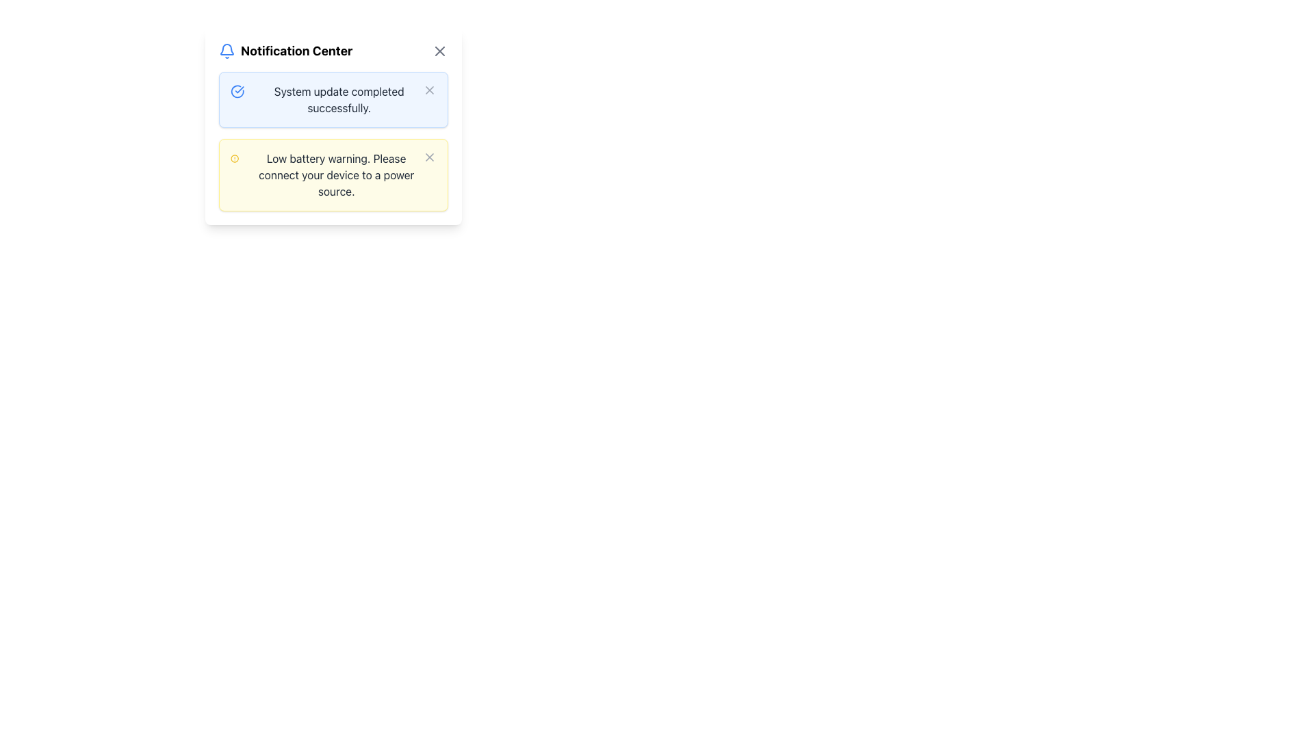 Image resolution: width=1314 pixels, height=739 pixels. What do you see at coordinates (227, 50) in the screenshot?
I see `the bell icon that signifies notifications, located to the far left of the Notification Center header area, adjacent to the bold text 'Notification Center'` at bounding box center [227, 50].